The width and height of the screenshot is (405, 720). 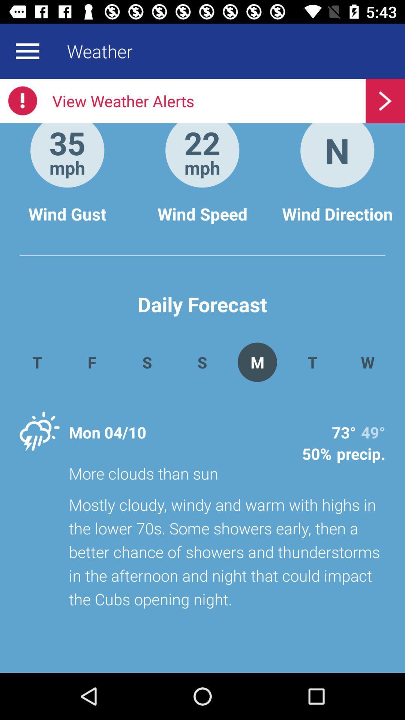 I want to click on menu, so click(x=27, y=51).